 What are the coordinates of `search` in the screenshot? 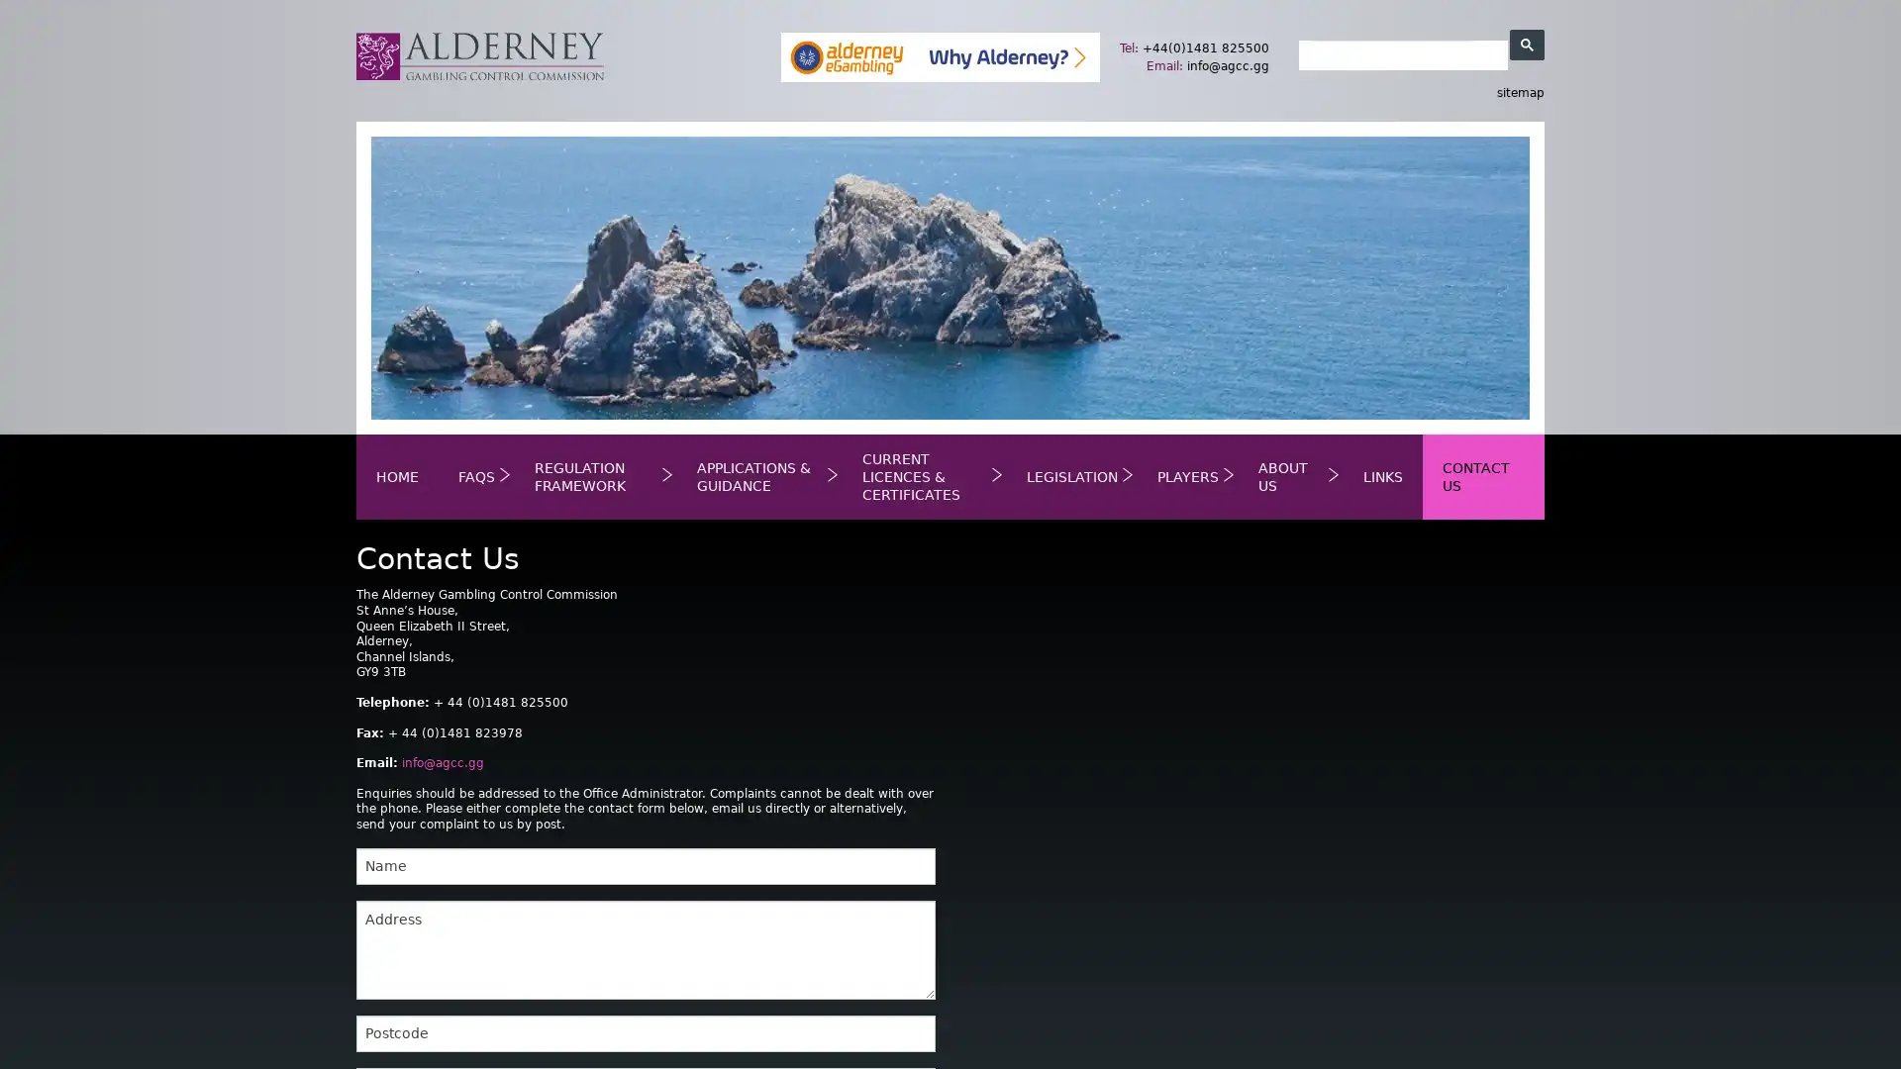 It's located at (1526, 45).